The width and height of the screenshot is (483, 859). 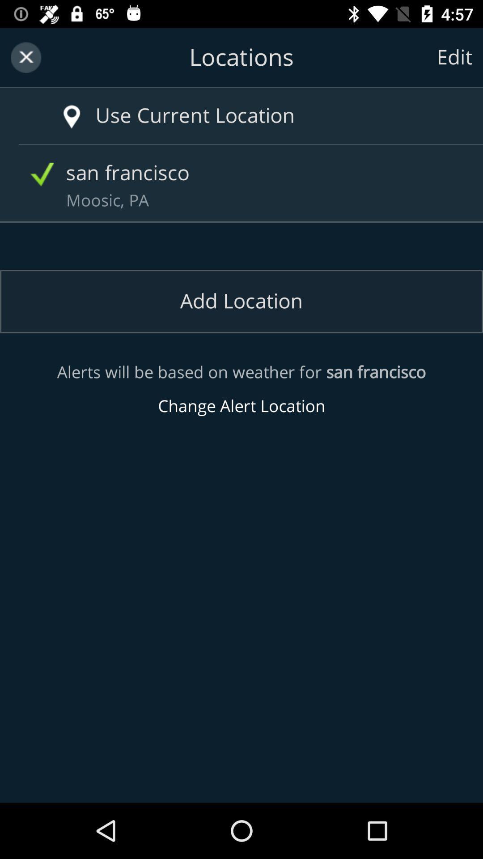 I want to click on the alerts will be item, so click(x=241, y=389).